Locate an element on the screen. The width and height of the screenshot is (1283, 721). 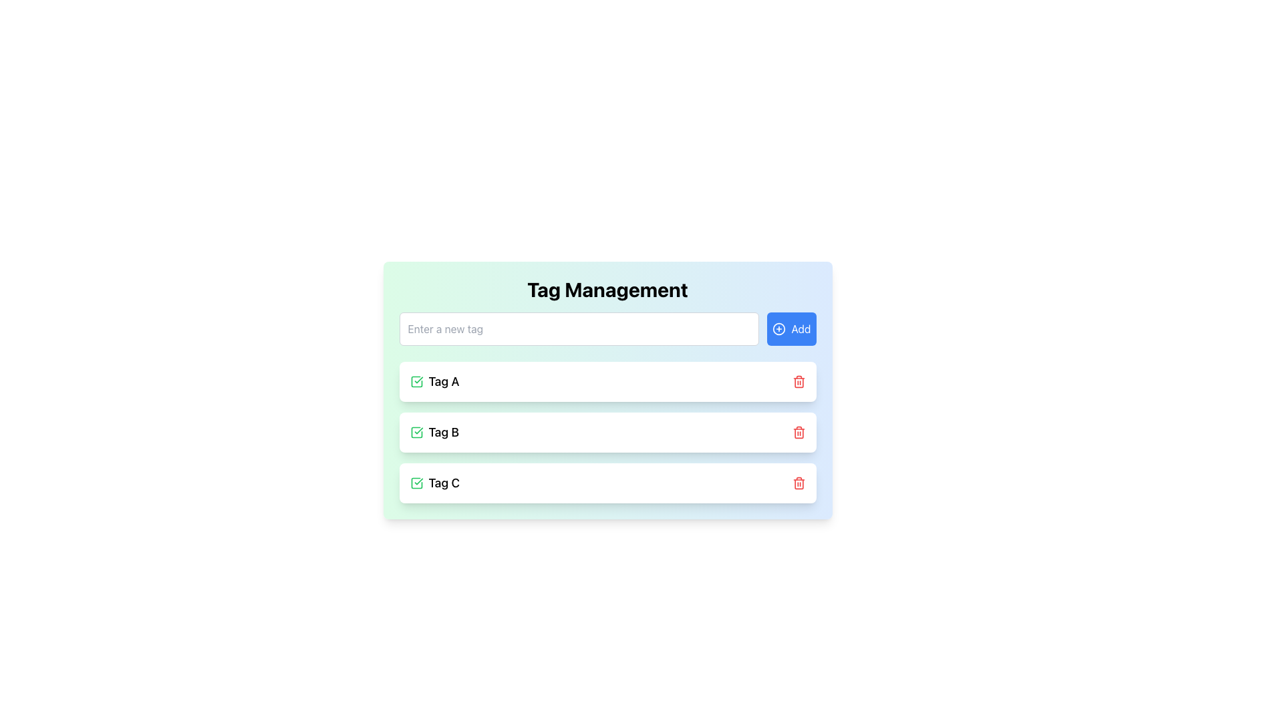
the segment labeled 'Tag B', which is the second element in a series of three segments for managing tags, positioned below 'Tag A' and above 'Tag C' is located at coordinates (607, 433).